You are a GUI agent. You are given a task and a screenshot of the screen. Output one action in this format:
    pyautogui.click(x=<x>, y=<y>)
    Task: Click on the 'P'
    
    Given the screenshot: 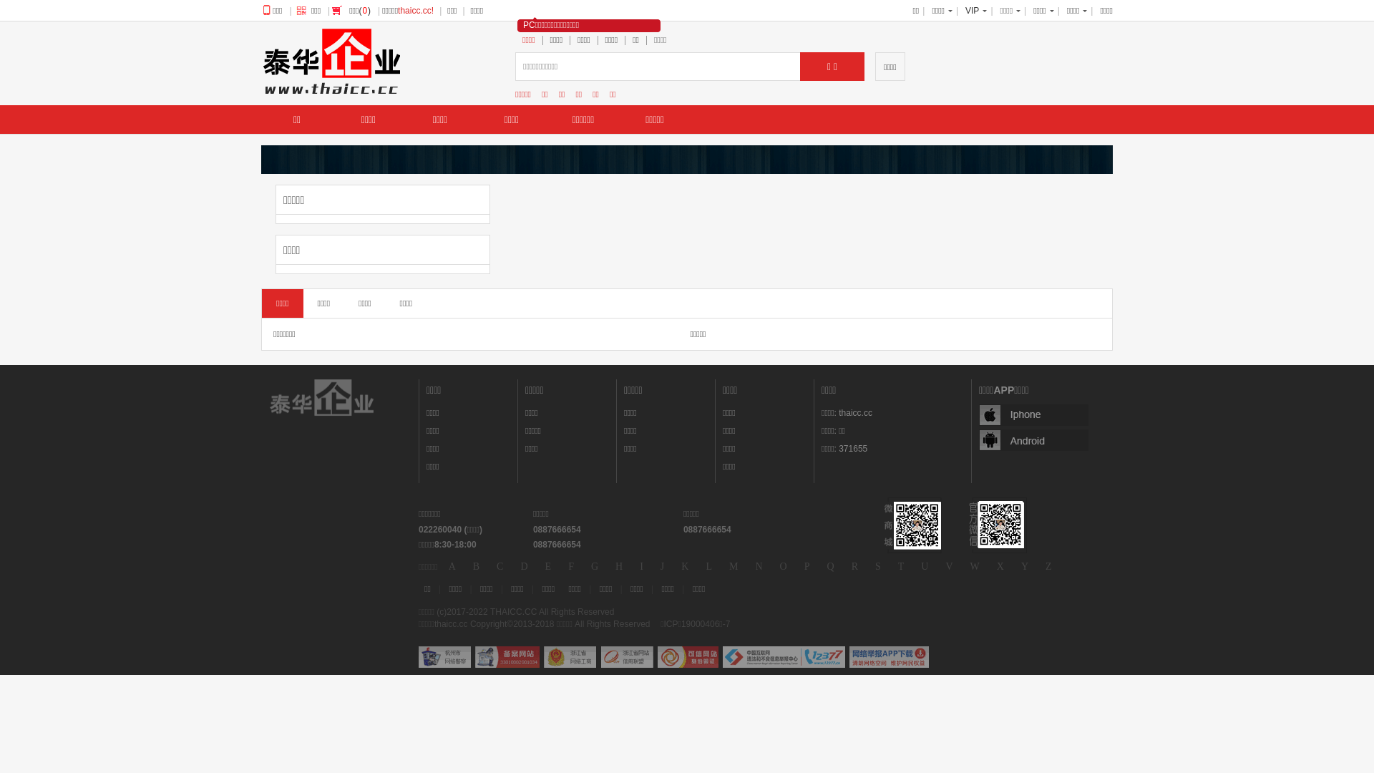 What is the action you would take?
    pyautogui.click(x=807, y=565)
    